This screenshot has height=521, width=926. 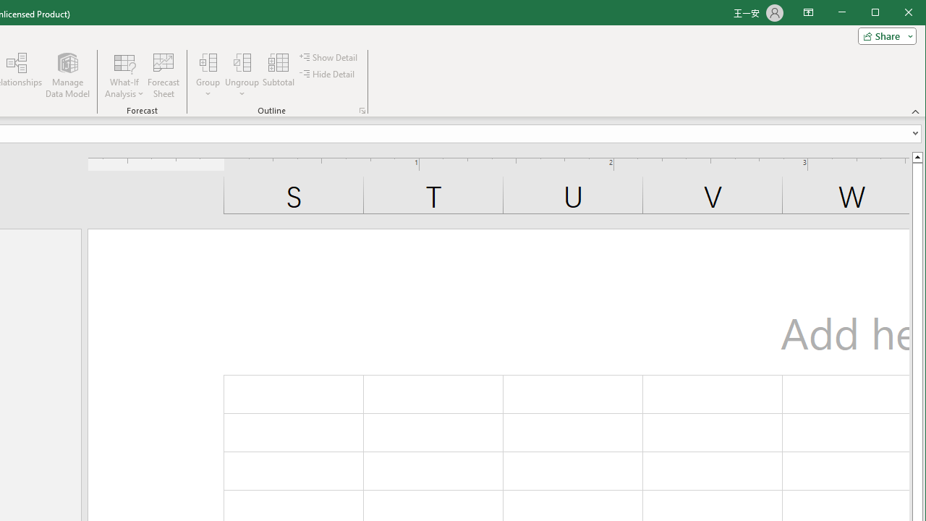 What do you see at coordinates (883, 35) in the screenshot?
I see `'Share'` at bounding box center [883, 35].